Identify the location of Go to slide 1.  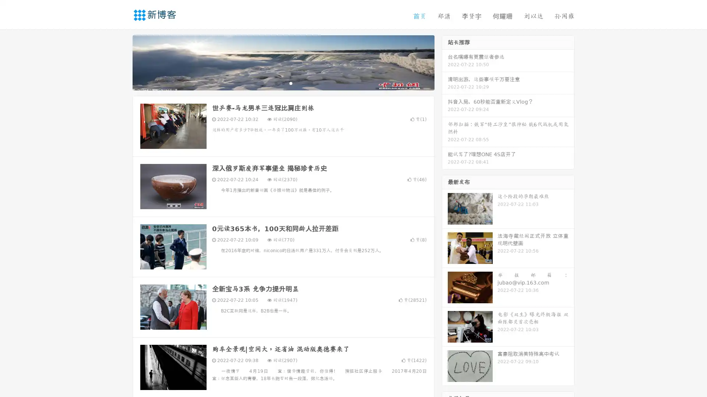
(275, 83).